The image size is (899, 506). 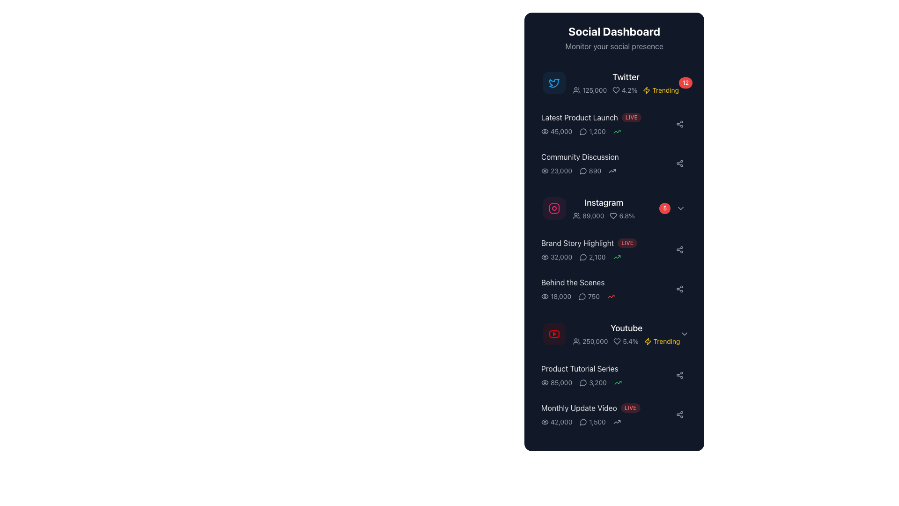 What do you see at coordinates (554, 208) in the screenshot?
I see `the Instagram icon, which is located to the left of the text 'Instagram', '89,000', and '6.8%' in the Social Dashboard section` at bounding box center [554, 208].